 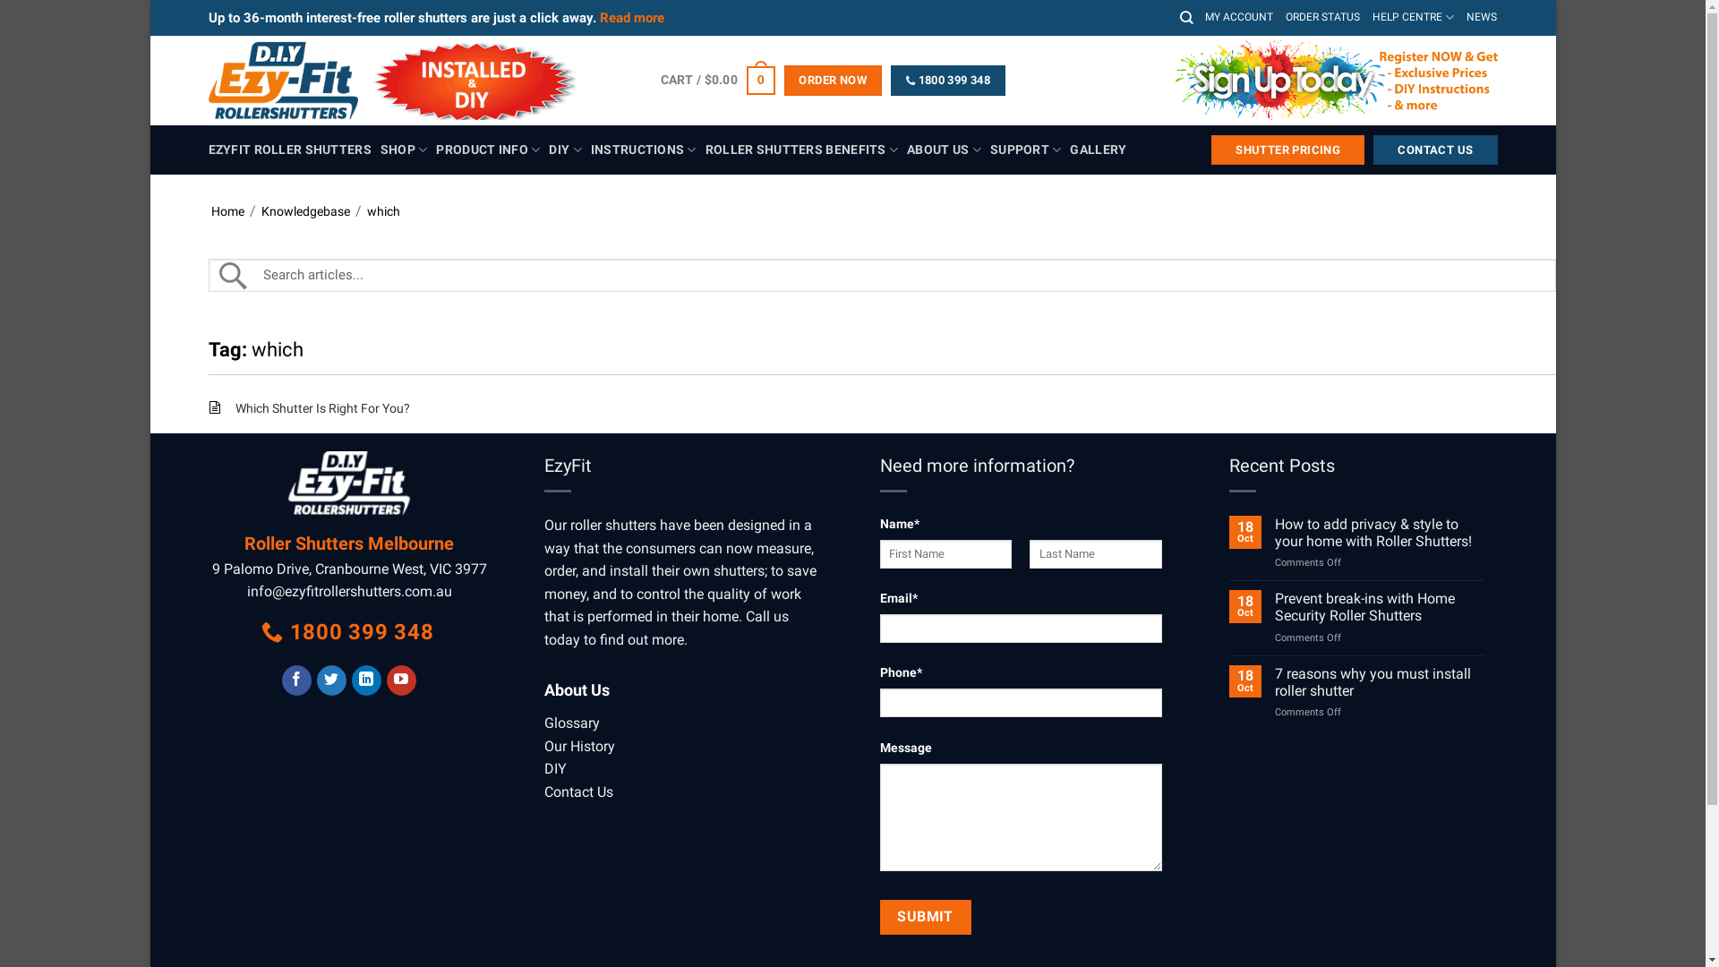 I want to click on 'Glossary', so click(x=543, y=722).